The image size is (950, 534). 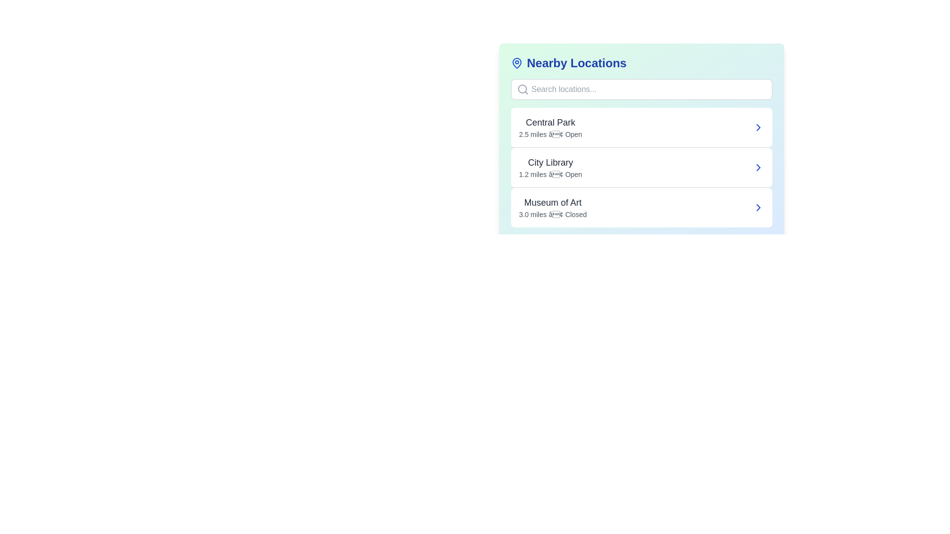 I want to click on the first card in the list of nearby locations that navigates to information about Central Park, so click(x=641, y=127).